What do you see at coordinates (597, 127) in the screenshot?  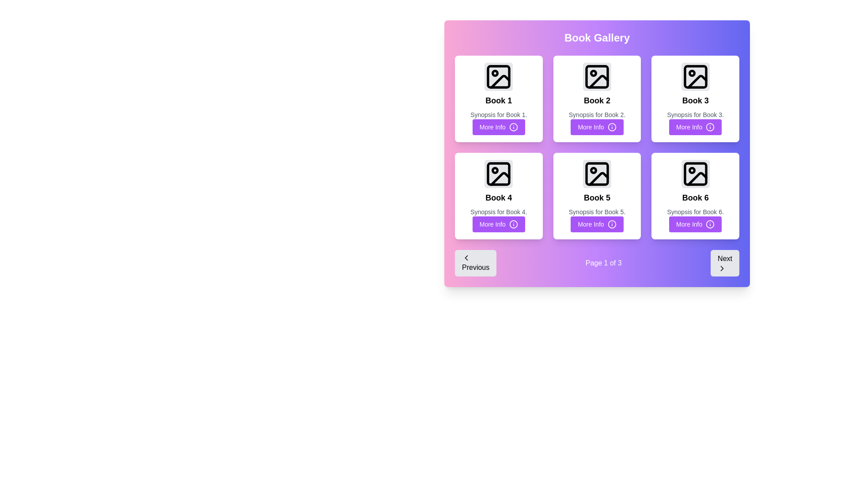 I see `the 'More Info' button with white text on a purple background located in the middle card of the top row in the 'Book Gallery' section` at bounding box center [597, 127].